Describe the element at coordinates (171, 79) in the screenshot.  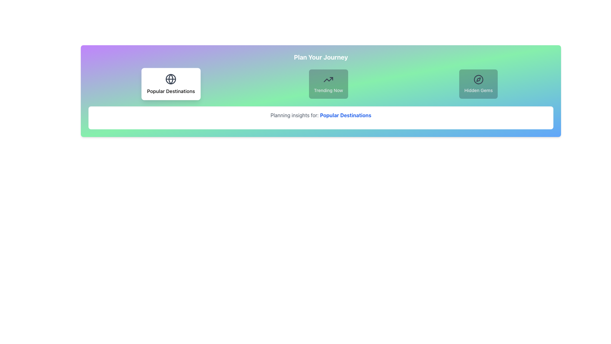
I see `the graphical icon component representing a globe icon located under the 'Popular Destinations' label in the left section of the gradient header area` at that location.